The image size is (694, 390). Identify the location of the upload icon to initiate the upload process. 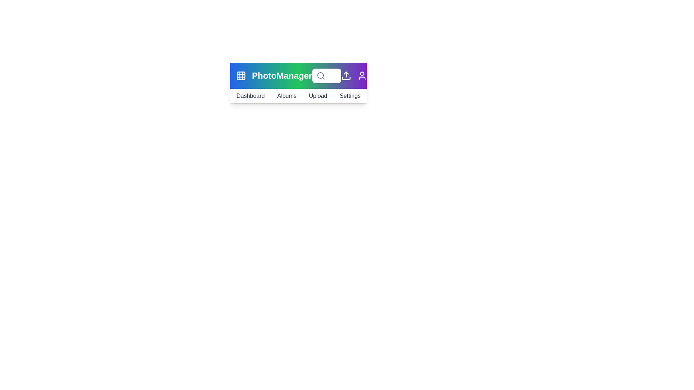
(346, 75).